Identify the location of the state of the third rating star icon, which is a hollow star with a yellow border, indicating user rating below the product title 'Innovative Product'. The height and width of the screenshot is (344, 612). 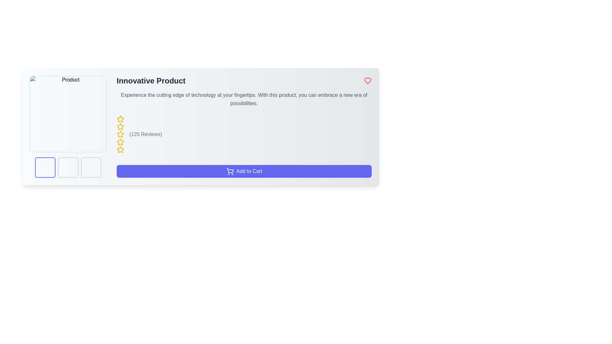
(120, 141).